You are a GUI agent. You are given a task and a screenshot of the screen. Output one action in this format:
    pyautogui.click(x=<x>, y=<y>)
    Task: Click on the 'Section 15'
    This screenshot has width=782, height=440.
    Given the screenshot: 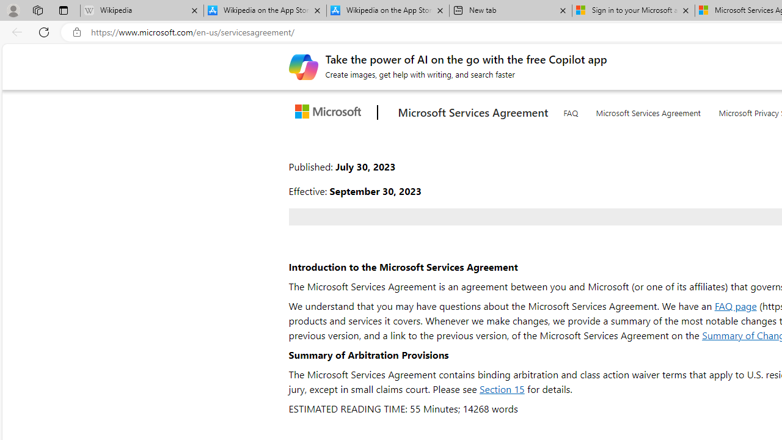 What is the action you would take?
    pyautogui.click(x=502, y=389)
    